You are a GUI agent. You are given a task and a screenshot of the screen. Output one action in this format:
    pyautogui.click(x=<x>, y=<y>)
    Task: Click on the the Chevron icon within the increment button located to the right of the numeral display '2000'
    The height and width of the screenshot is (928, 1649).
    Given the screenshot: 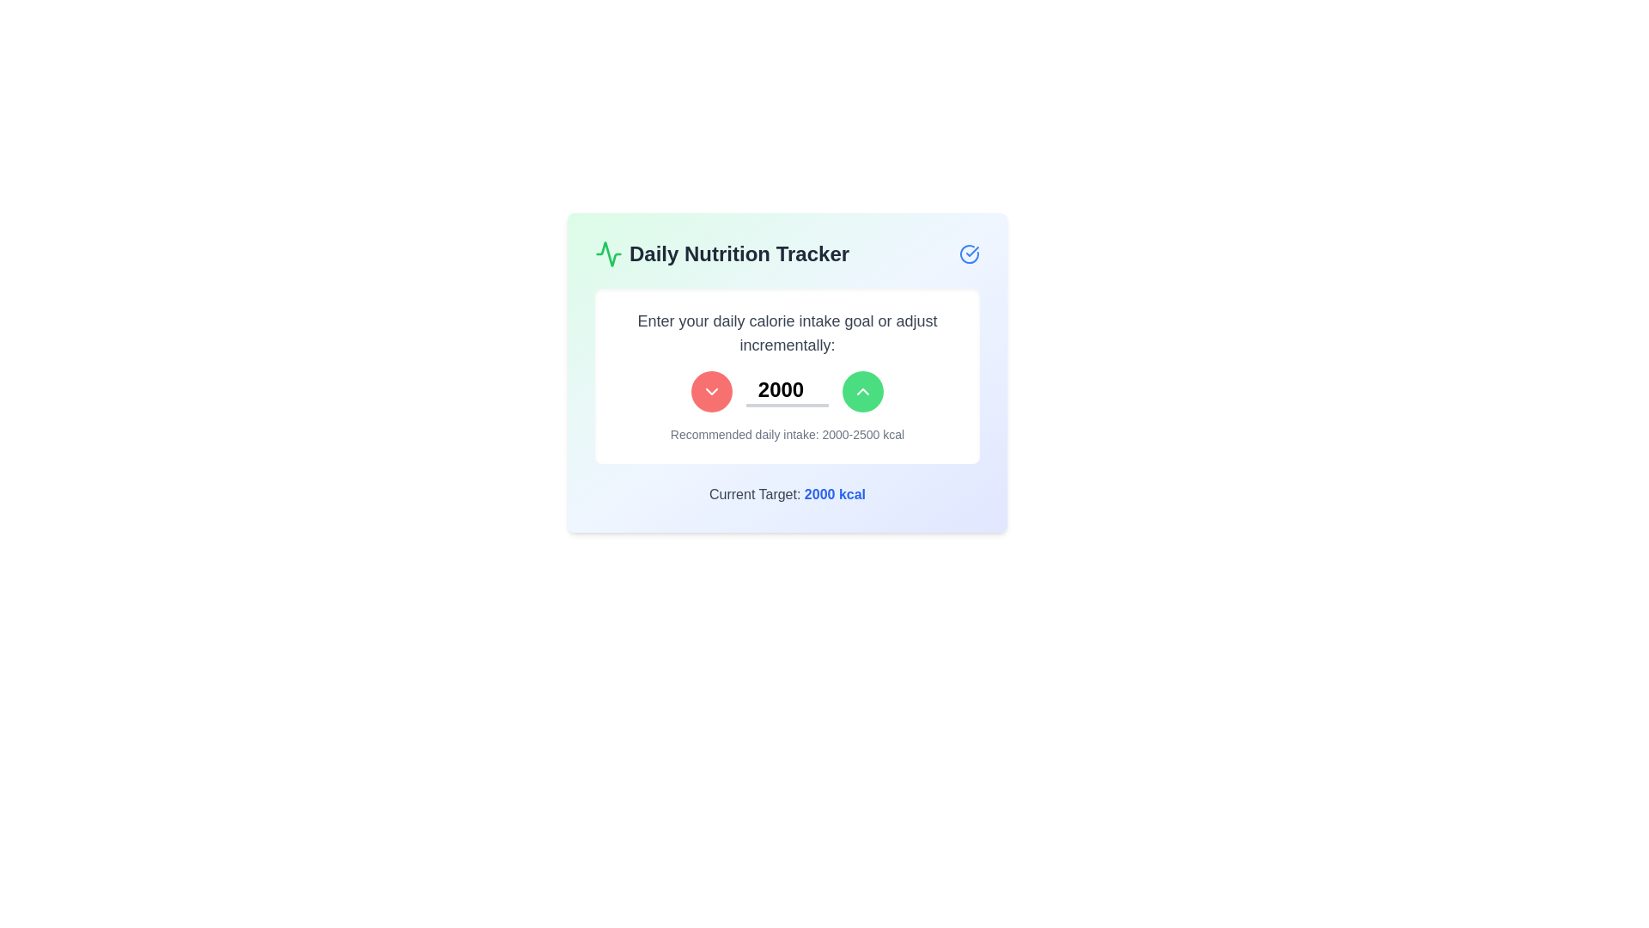 What is the action you would take?
    pyautogui.click(x=862, y=391)
    